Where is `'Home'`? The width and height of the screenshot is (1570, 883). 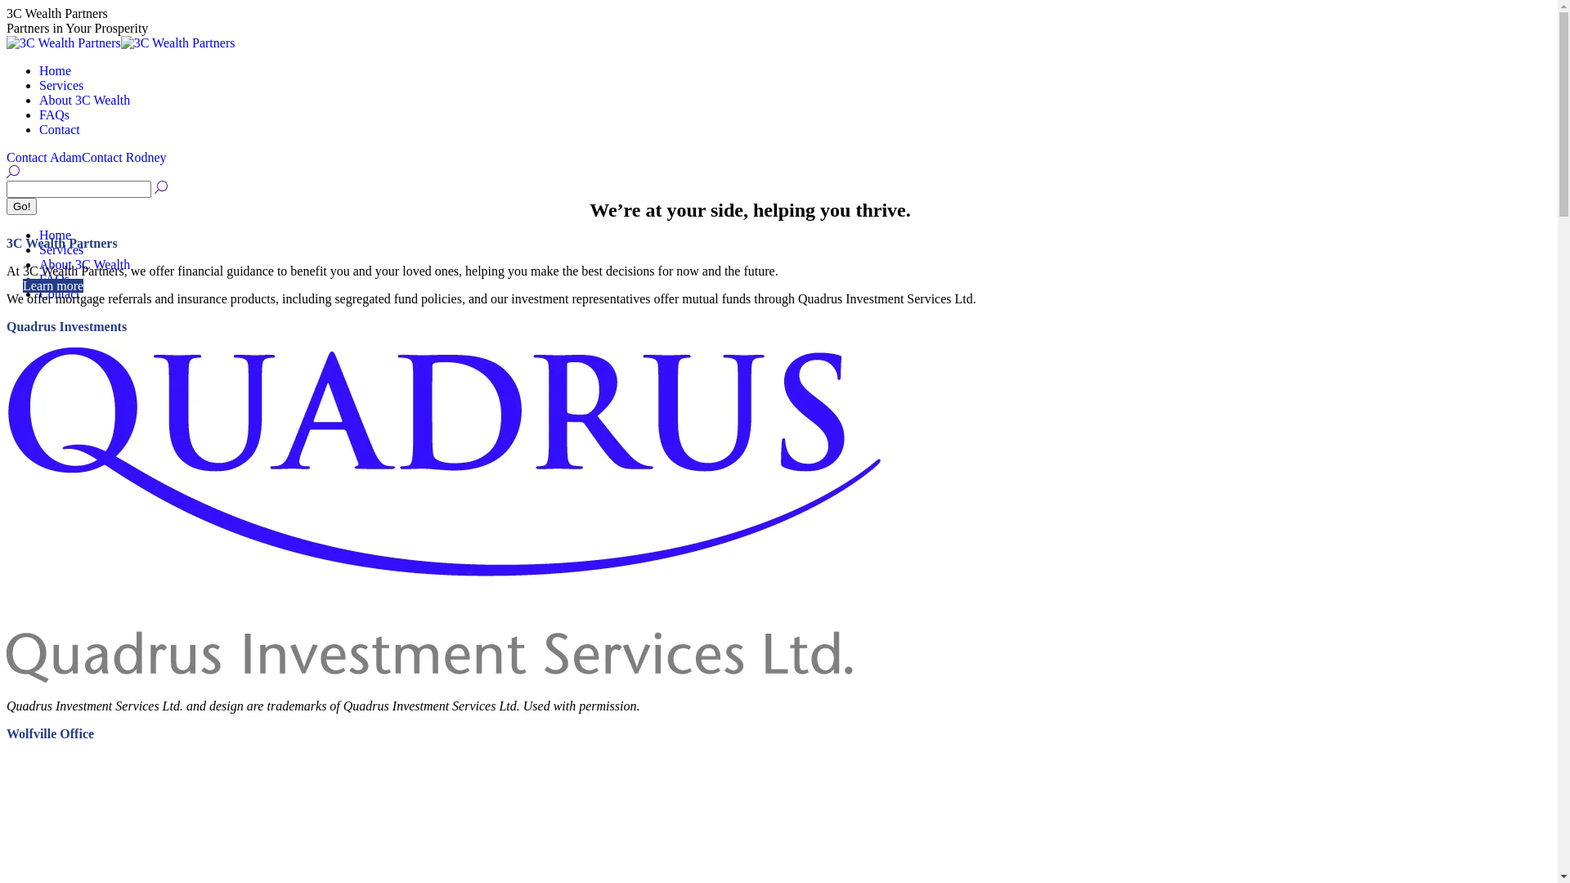
'Home' is located at coordinates (55, 235).